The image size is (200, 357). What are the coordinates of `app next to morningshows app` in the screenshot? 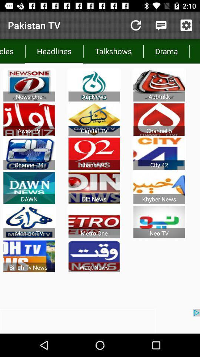 It's located at (166, 51).